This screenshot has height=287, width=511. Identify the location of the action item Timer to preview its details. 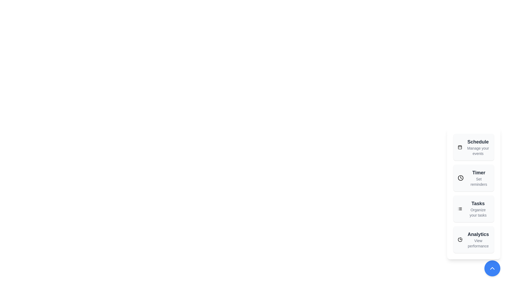
(474, 178).